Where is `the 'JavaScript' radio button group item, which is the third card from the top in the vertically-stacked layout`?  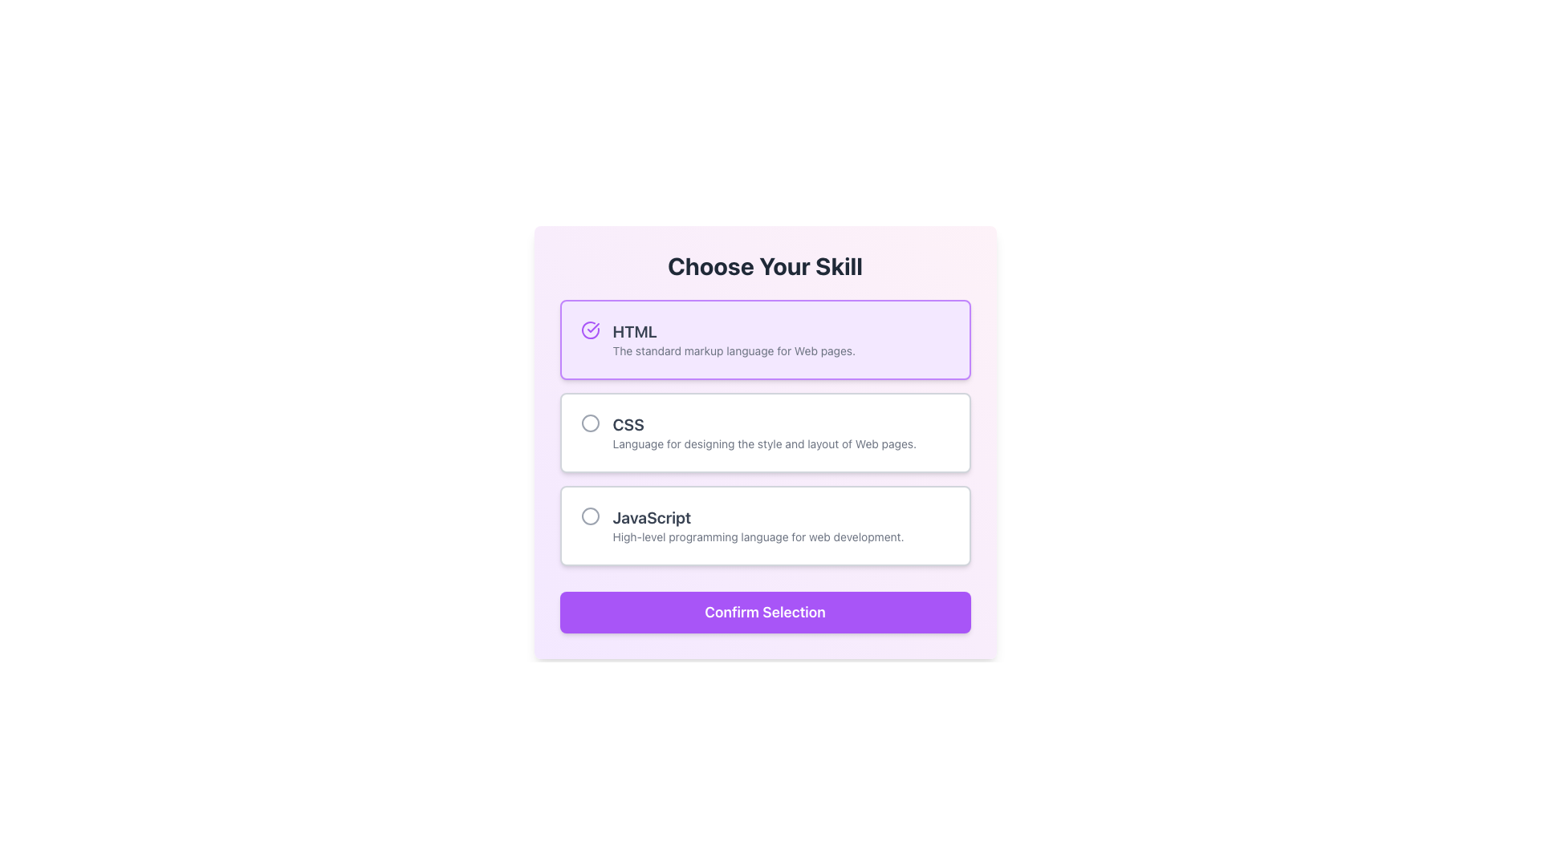 the 'JavaScript' radio button group item, which is the third card from the top in the vertically-stacked layout is located at coordinates (764, 525).